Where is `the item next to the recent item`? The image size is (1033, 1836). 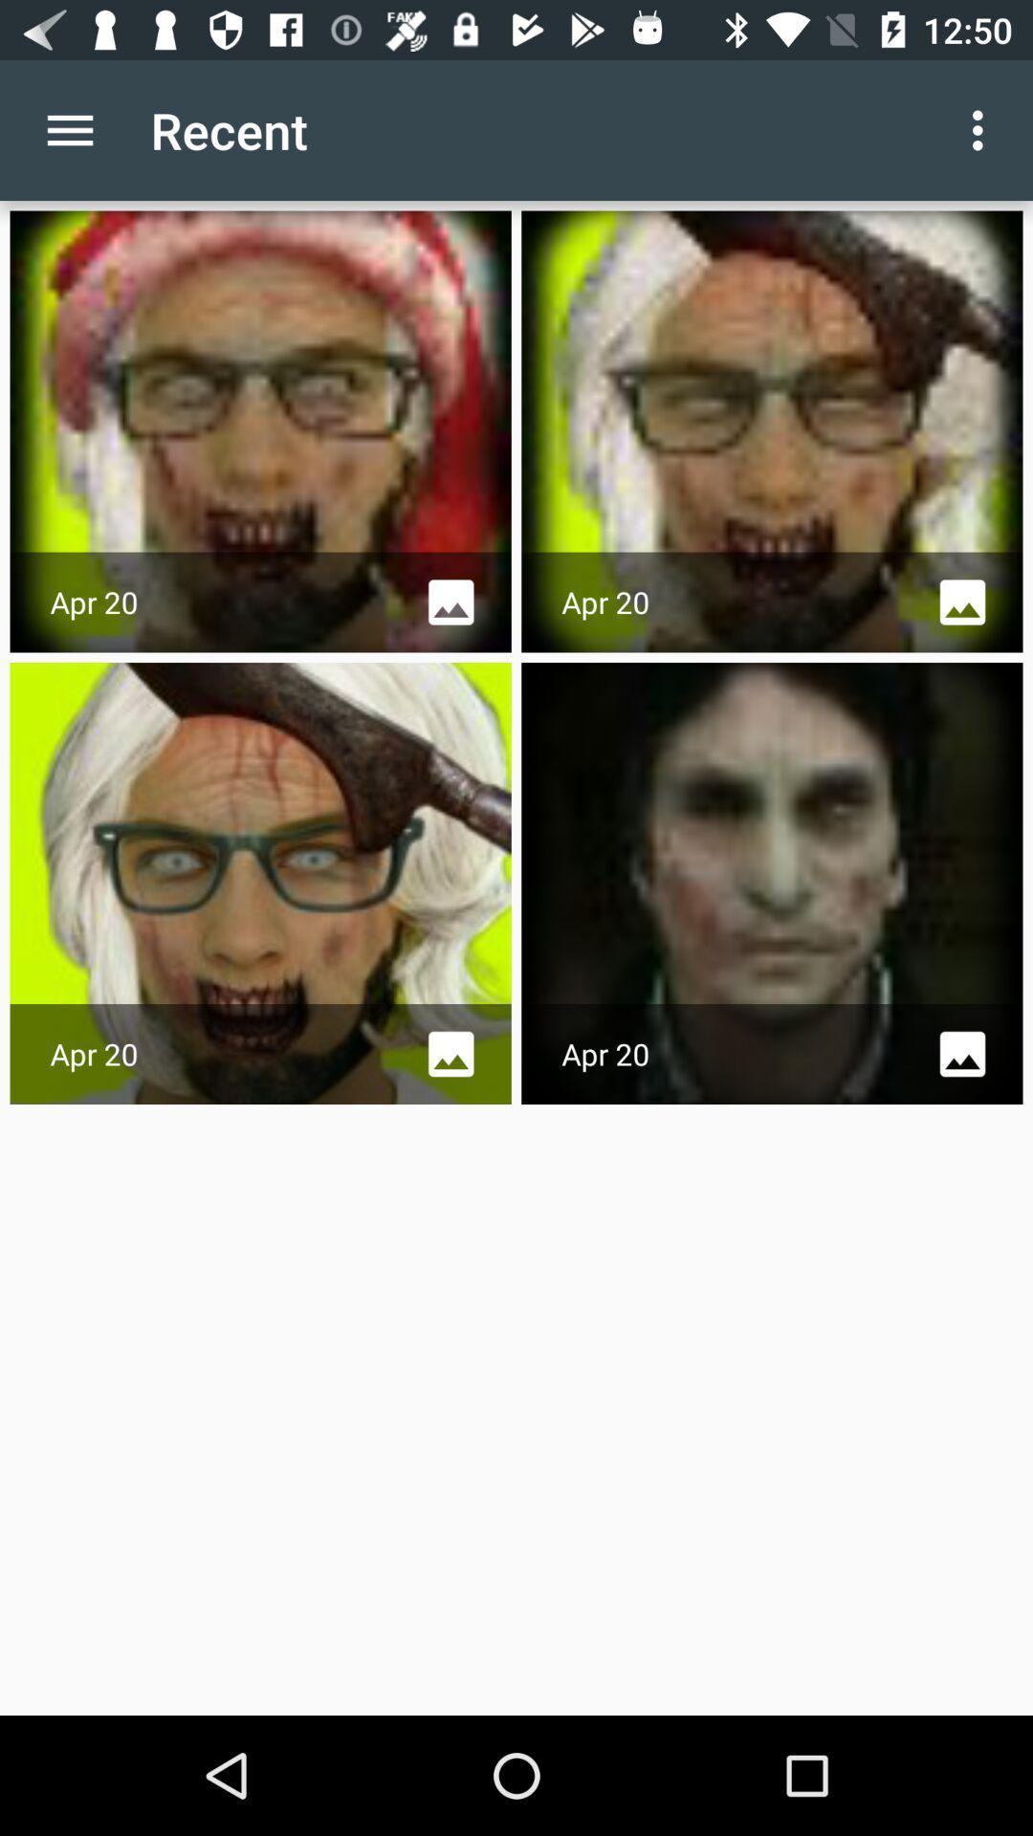 the item next to the recent item is located at coordinates (69, 129).